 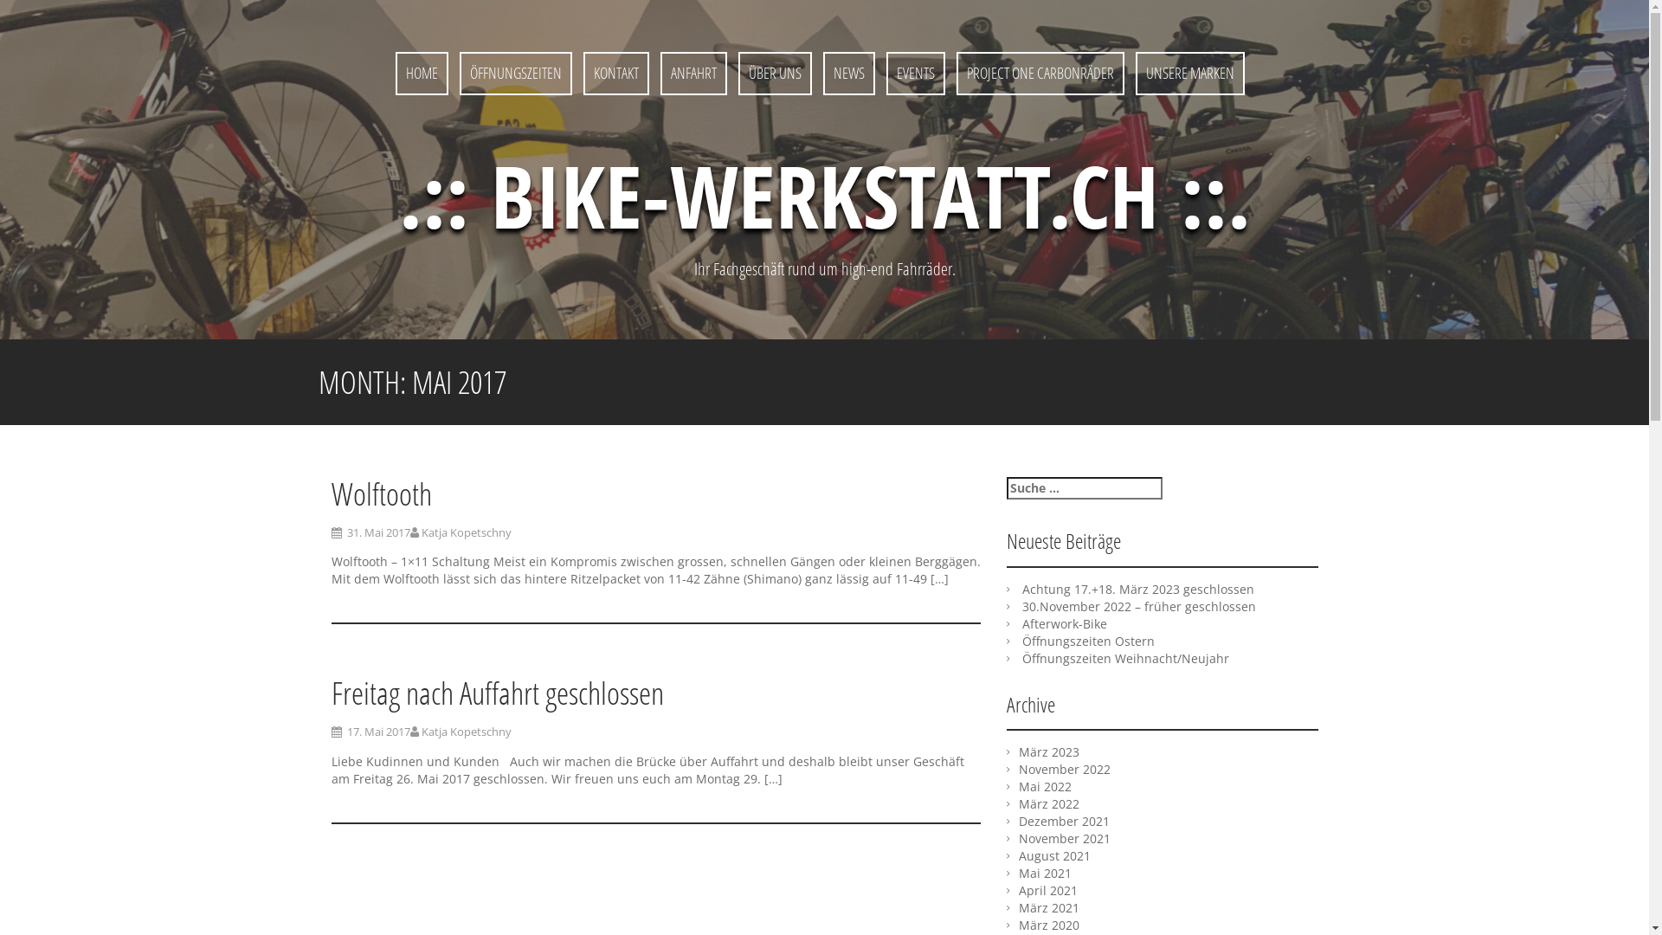 What do you see at coordinates (848, 72) in the screenshot?
I see `'NEWS'` at bounding box center [848, 72].